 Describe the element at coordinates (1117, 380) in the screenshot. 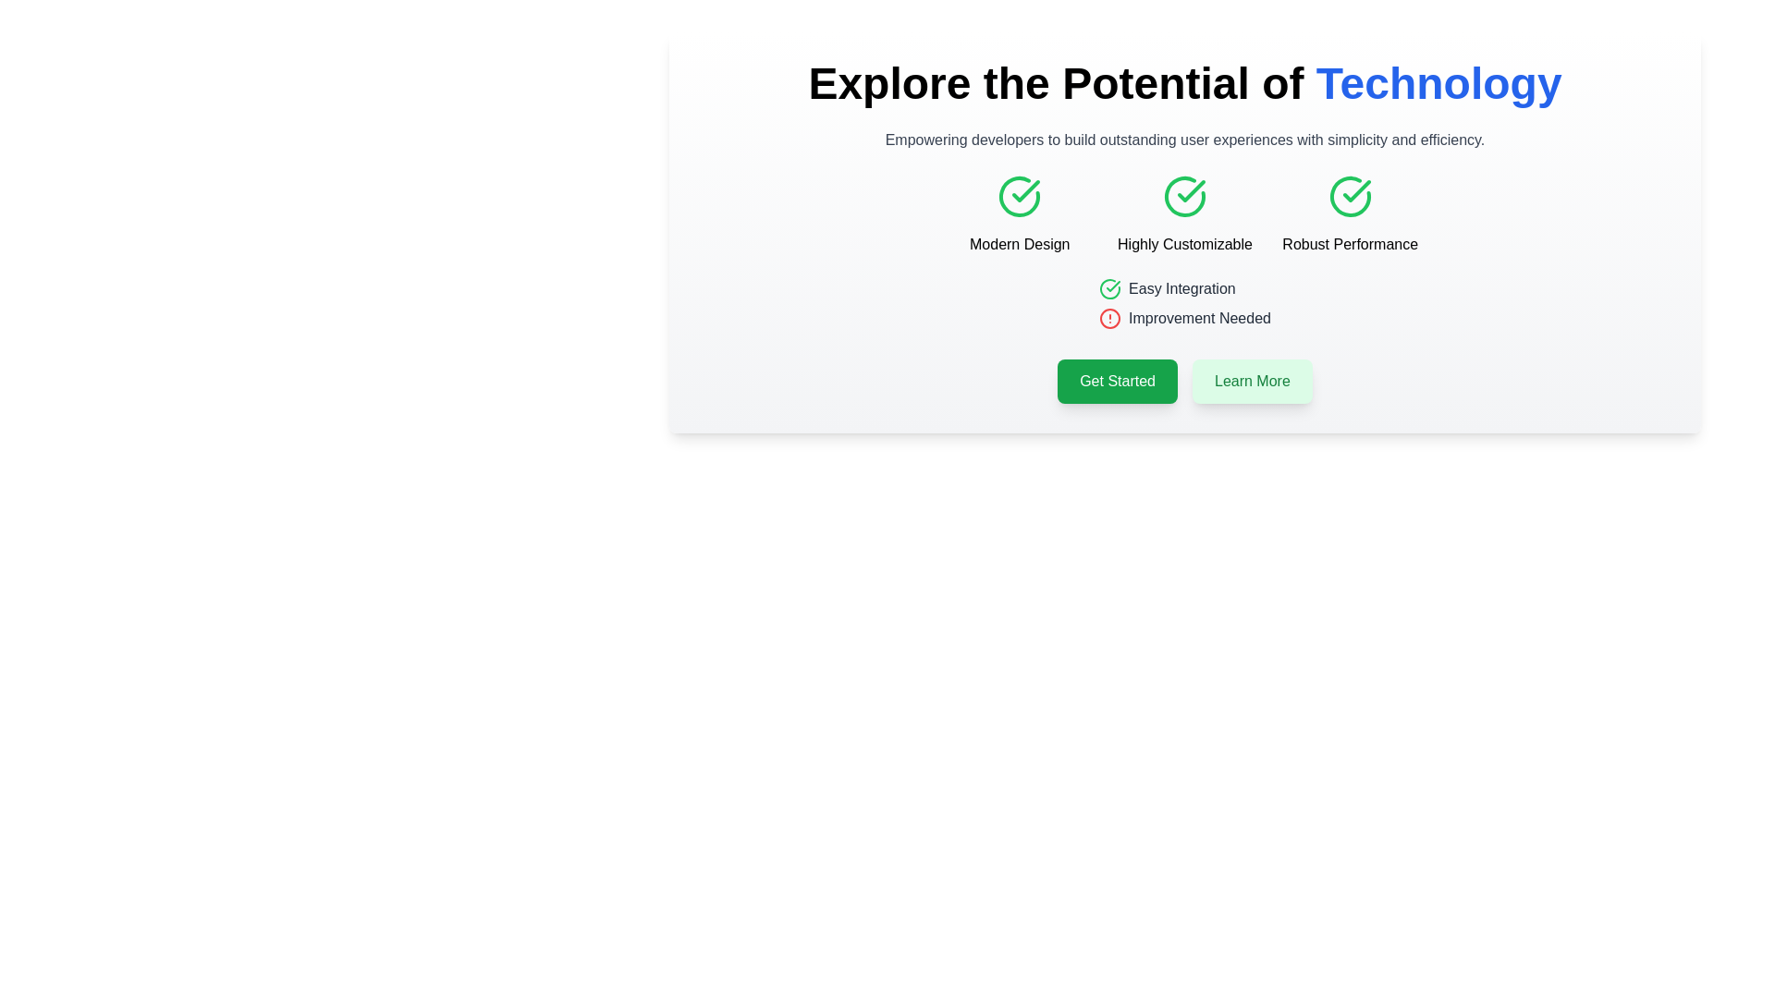

I see `the primary action button located at the bottom center of the interface, positioned to the left of the 'Learn More' button` at that location.